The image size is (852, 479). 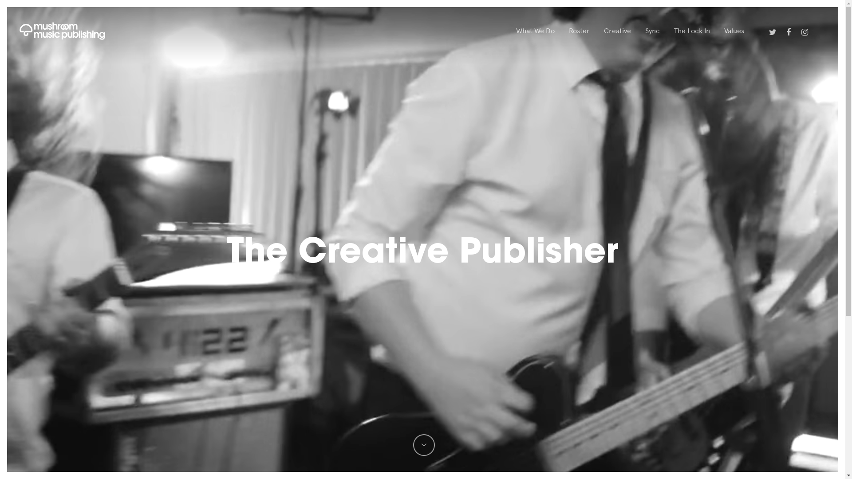 What do you see at coordinates (652, 30) in the screenshot?
I see `'Sync'` at bounding box center [652, 30].